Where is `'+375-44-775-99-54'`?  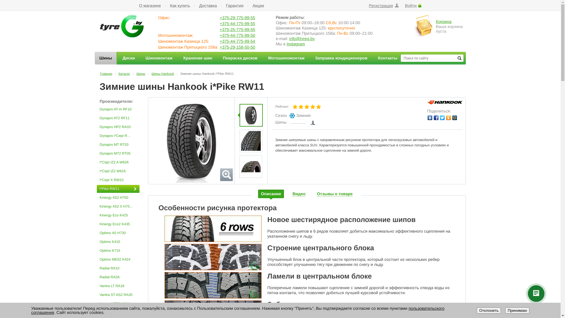
'+375-44-775-99-54' is located at coordinates (237, 41).